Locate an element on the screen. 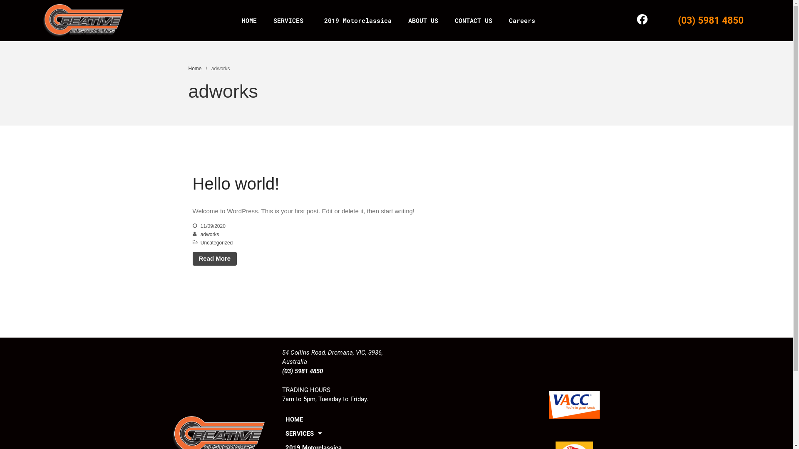 This screenshot has height=449, width=799. 'Read More' is located at coordinates (214, 258).